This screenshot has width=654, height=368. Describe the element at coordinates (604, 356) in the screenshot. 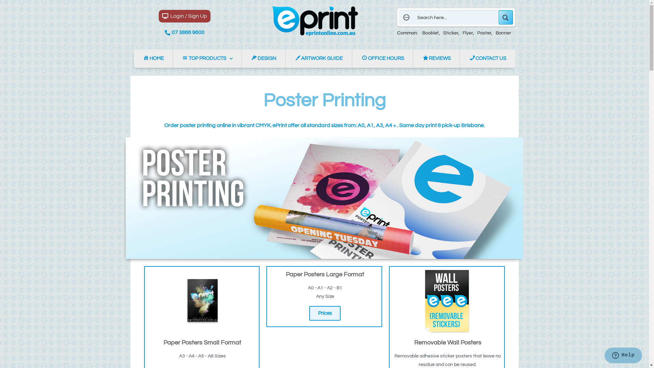

I see `'Opens a widget where you can chat to one of our agents'` at that location.